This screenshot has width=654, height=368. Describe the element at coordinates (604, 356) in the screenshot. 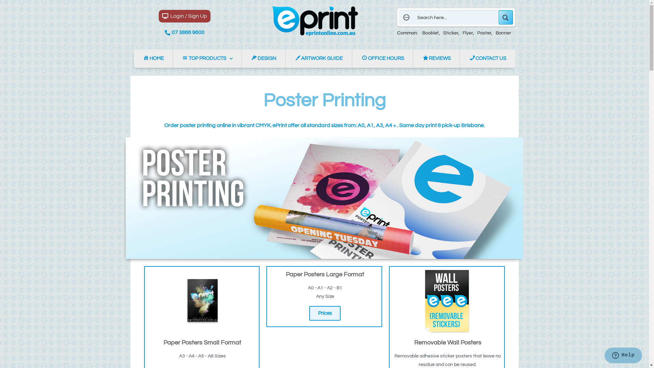

I see `'Opens a widget where you can chat to one of our agents'` at that location.